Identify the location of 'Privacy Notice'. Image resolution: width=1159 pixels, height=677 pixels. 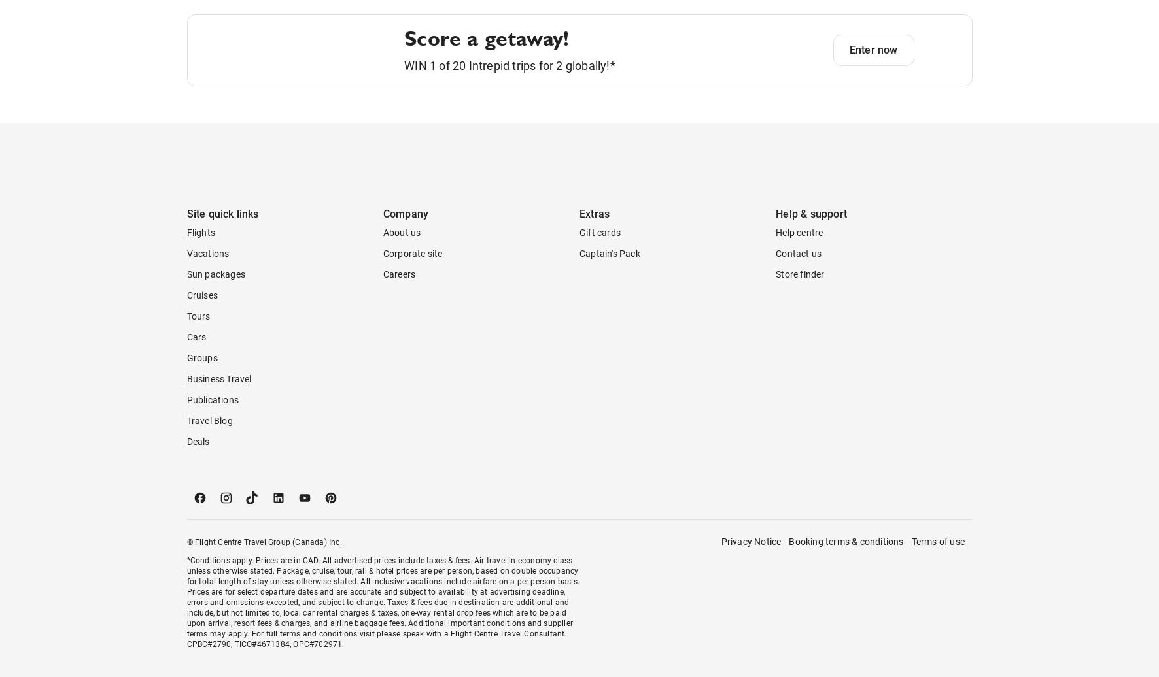
(721, 593).